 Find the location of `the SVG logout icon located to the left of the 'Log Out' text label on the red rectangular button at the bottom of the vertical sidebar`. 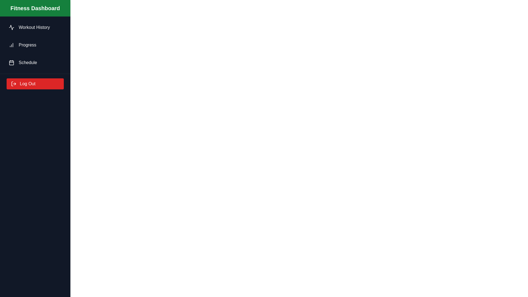

the SVG logout icon located to the left of the 'Log Out' text label on the red rectangular button at the bottom of the vertical sidebar is located at coordinates (13, 84).